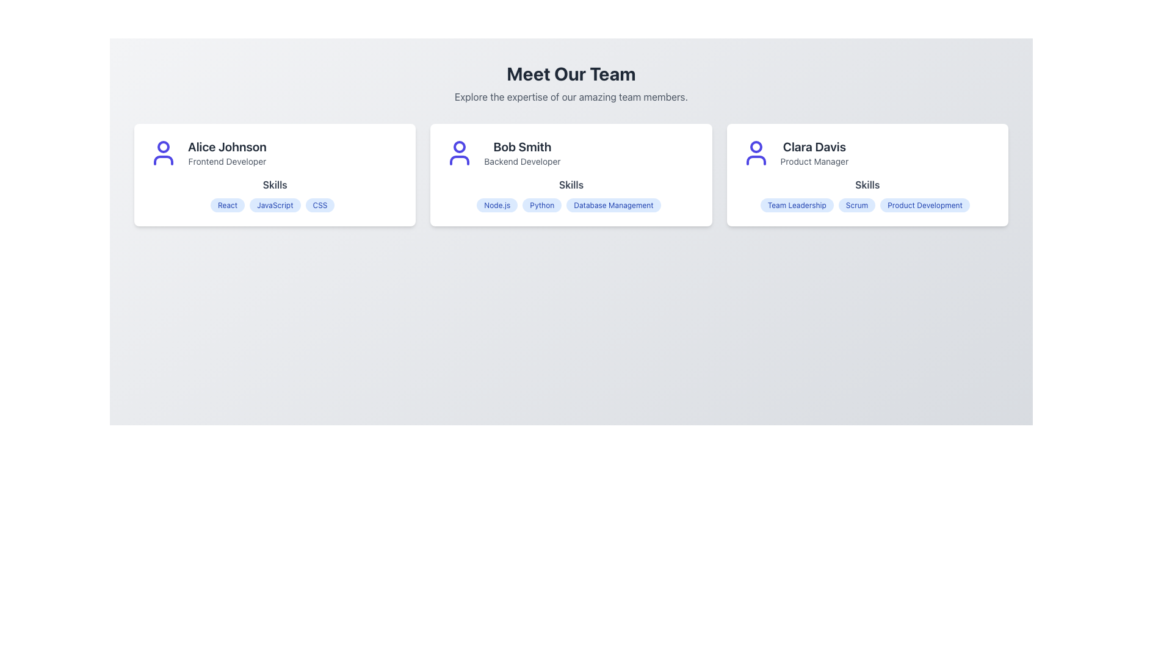 The image size is (1172, 659). I want to click on the Text Label Component displaying 'Bob Smith' and 'Backend Developer' for accessibility purposes, so click(522, 152).